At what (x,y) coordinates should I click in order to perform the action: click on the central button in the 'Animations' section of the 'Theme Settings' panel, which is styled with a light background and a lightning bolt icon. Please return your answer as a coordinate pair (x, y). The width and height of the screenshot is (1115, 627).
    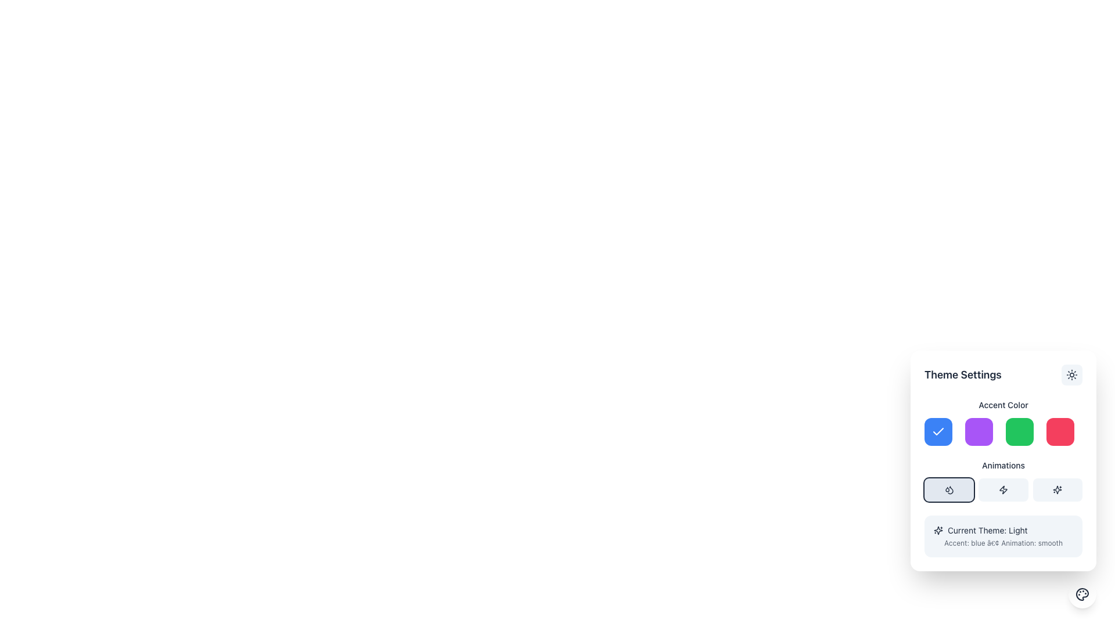
    Looking at the image, I should click on (1003, 481).